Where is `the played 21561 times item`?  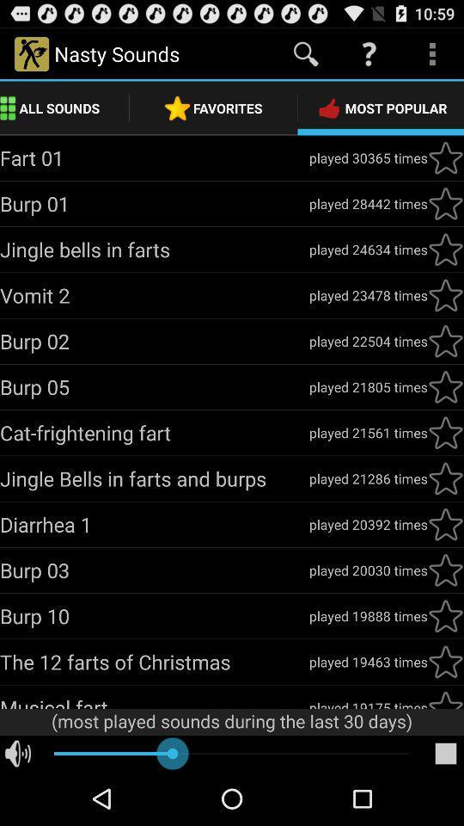
the played 21561 times item is located at coordinates (367, 432).